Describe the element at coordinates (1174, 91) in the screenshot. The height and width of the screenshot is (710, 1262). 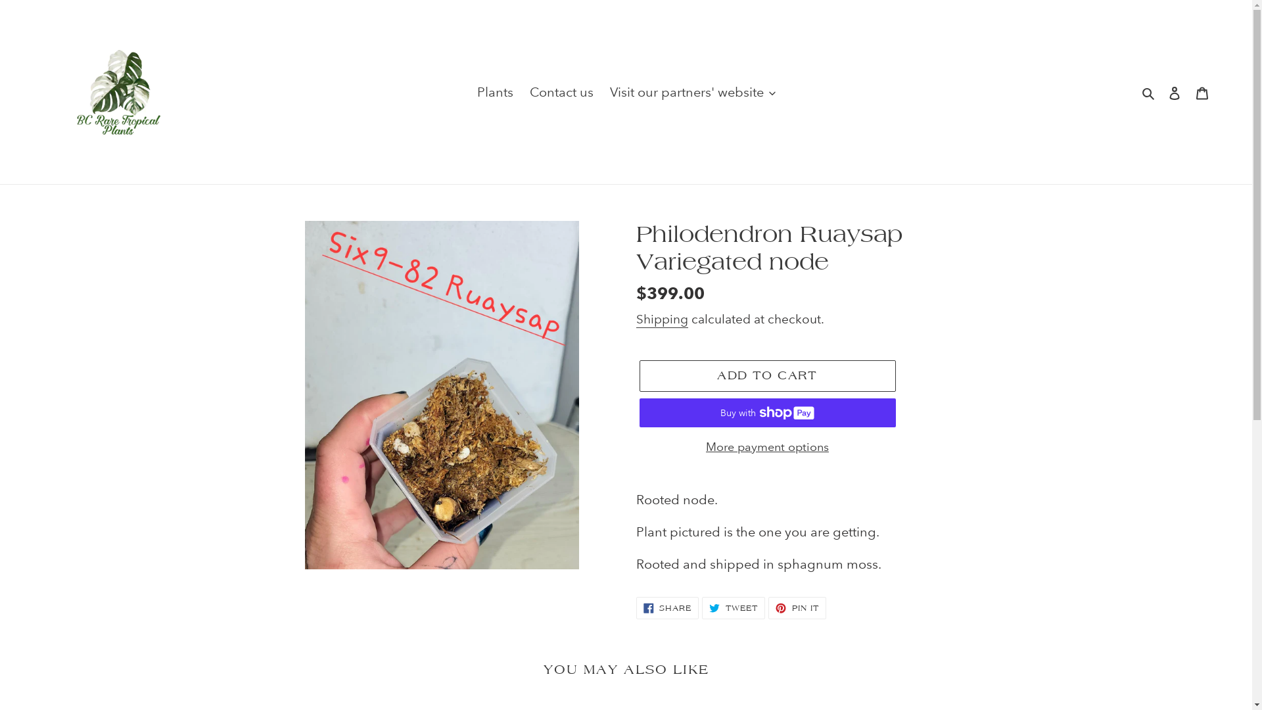
I see `'Log in'` at that location.